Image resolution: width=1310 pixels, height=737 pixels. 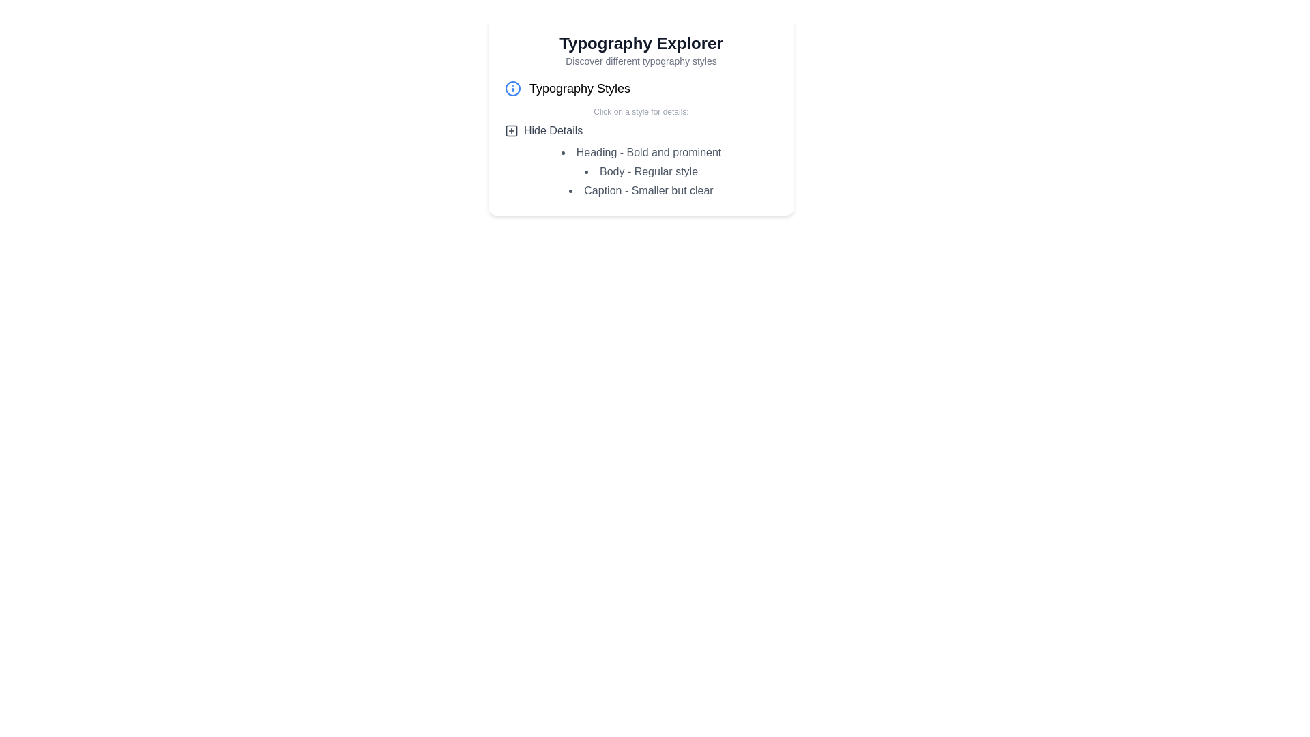 What do you see at coordinates (510, 131) in the screenshot?
I see `the first button in the top left corner of the dialog box` at bounding box center [510, 131].